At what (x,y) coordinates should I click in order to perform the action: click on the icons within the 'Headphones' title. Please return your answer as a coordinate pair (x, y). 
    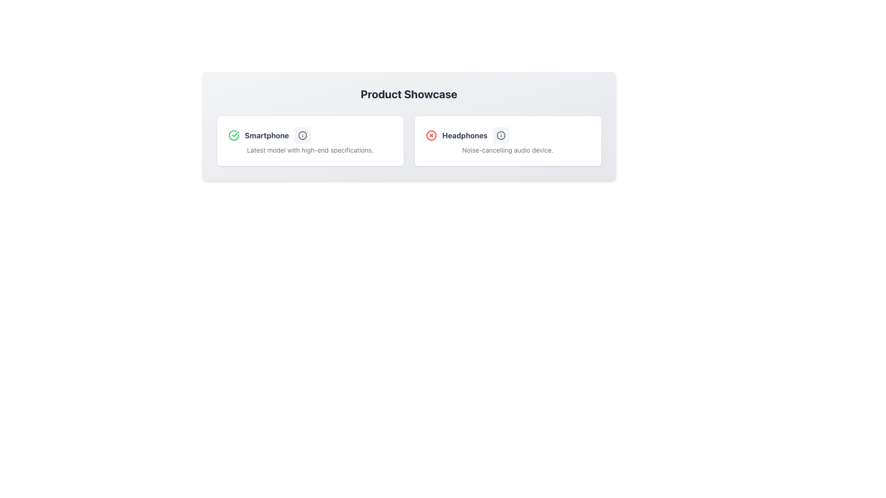
    Looking at the image, I should click on (507, 135).